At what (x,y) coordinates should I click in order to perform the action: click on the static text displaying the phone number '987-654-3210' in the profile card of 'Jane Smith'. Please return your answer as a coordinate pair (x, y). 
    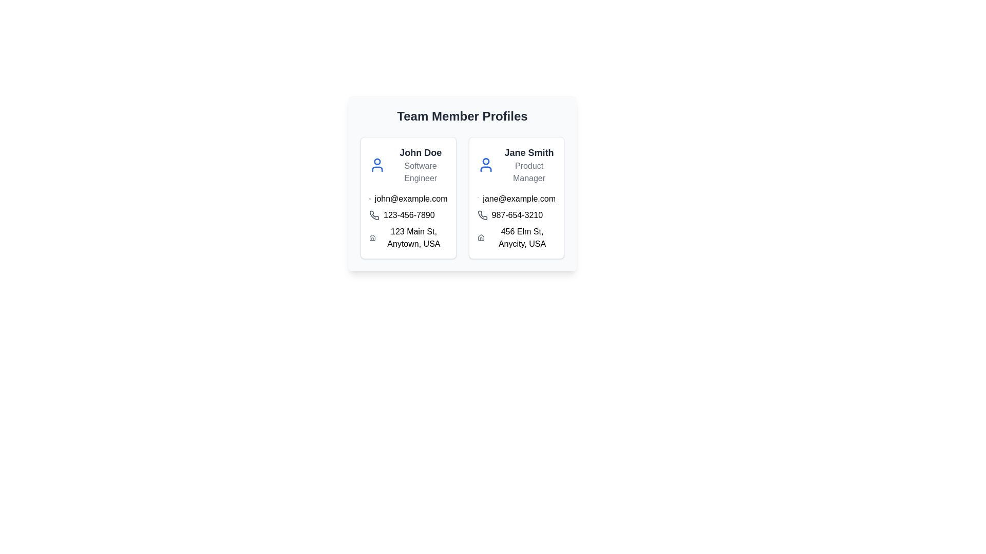
    Looking at the image, I should click on (516, 215).